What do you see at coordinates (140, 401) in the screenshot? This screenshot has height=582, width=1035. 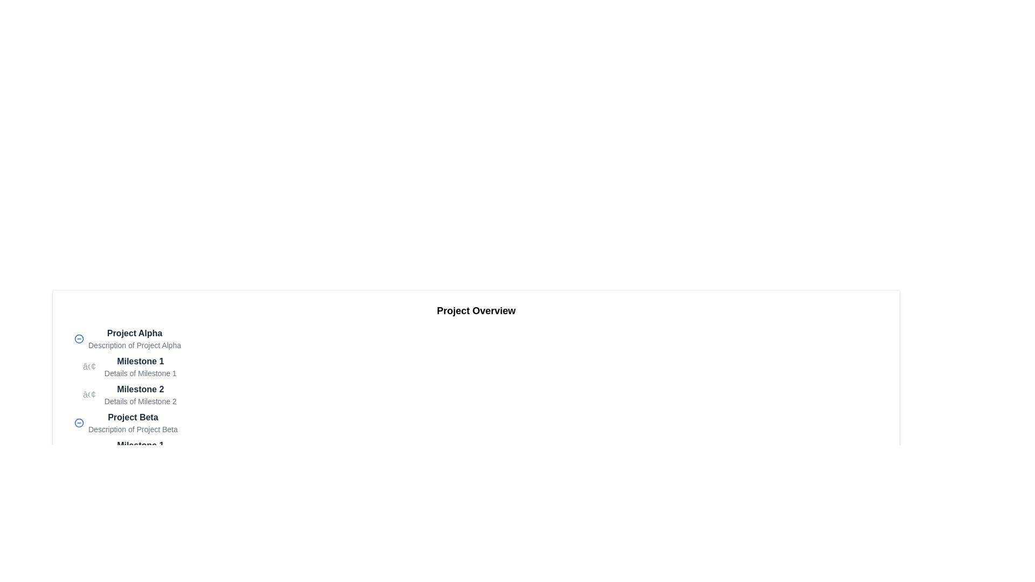 I see `the static text element reading 'Details of Milestone 2', which is styled in a smaller font size and lighter gray color, located directly below the bolded 'Milestone 2' text` at bounding box center [140, 401].